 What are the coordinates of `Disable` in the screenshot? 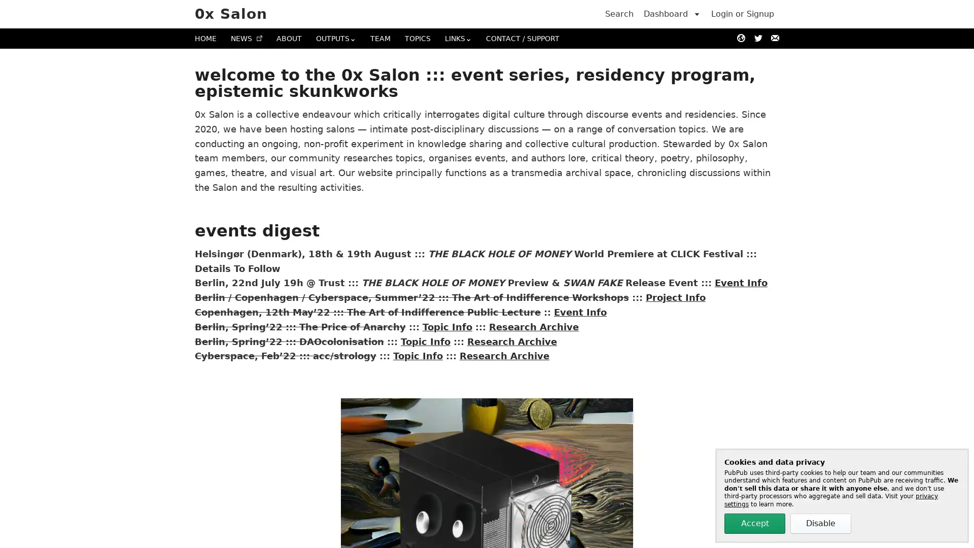 It's located at (820, 524).